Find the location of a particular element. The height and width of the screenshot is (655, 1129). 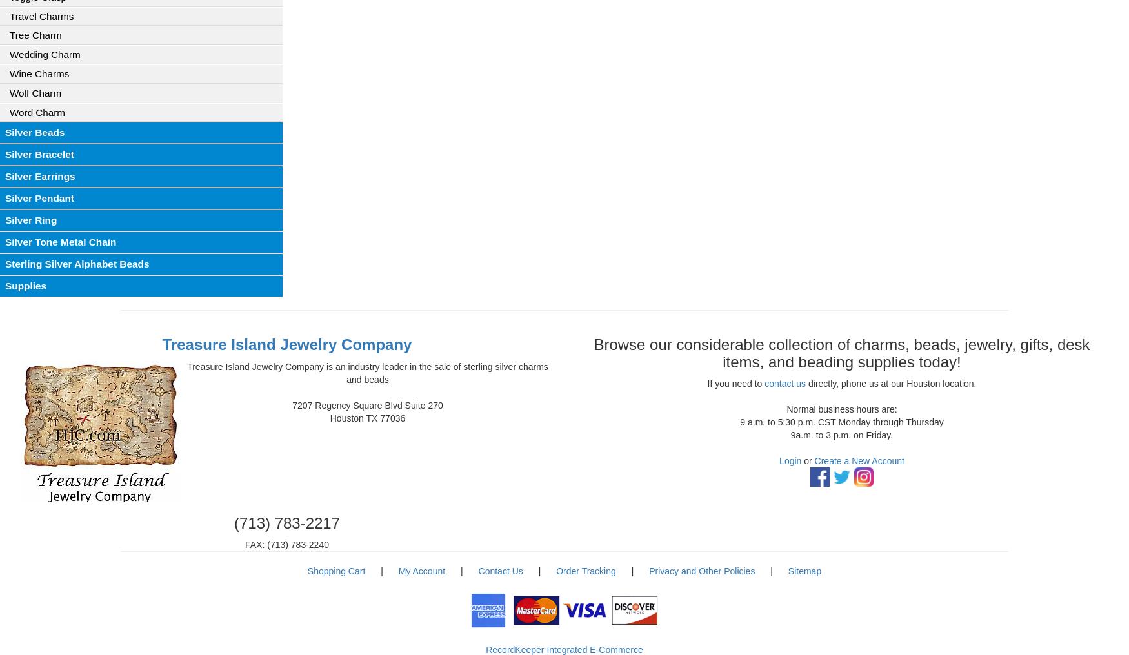

'Wolf Charm' is located at coordinates (9, 92).